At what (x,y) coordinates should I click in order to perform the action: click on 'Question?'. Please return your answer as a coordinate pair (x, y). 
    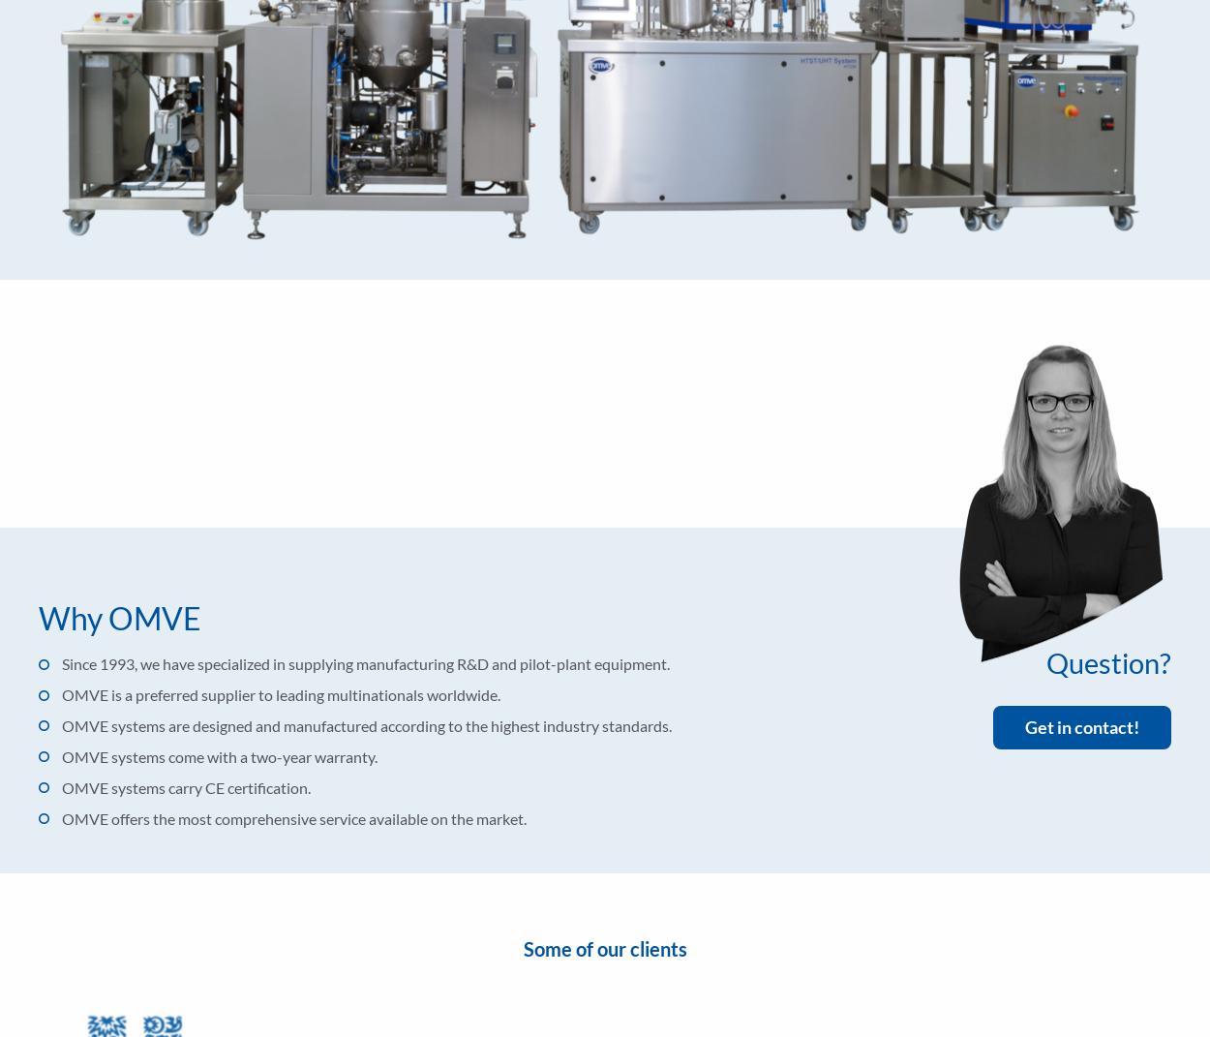
    Looking at the image, I should click on (1107, 661).